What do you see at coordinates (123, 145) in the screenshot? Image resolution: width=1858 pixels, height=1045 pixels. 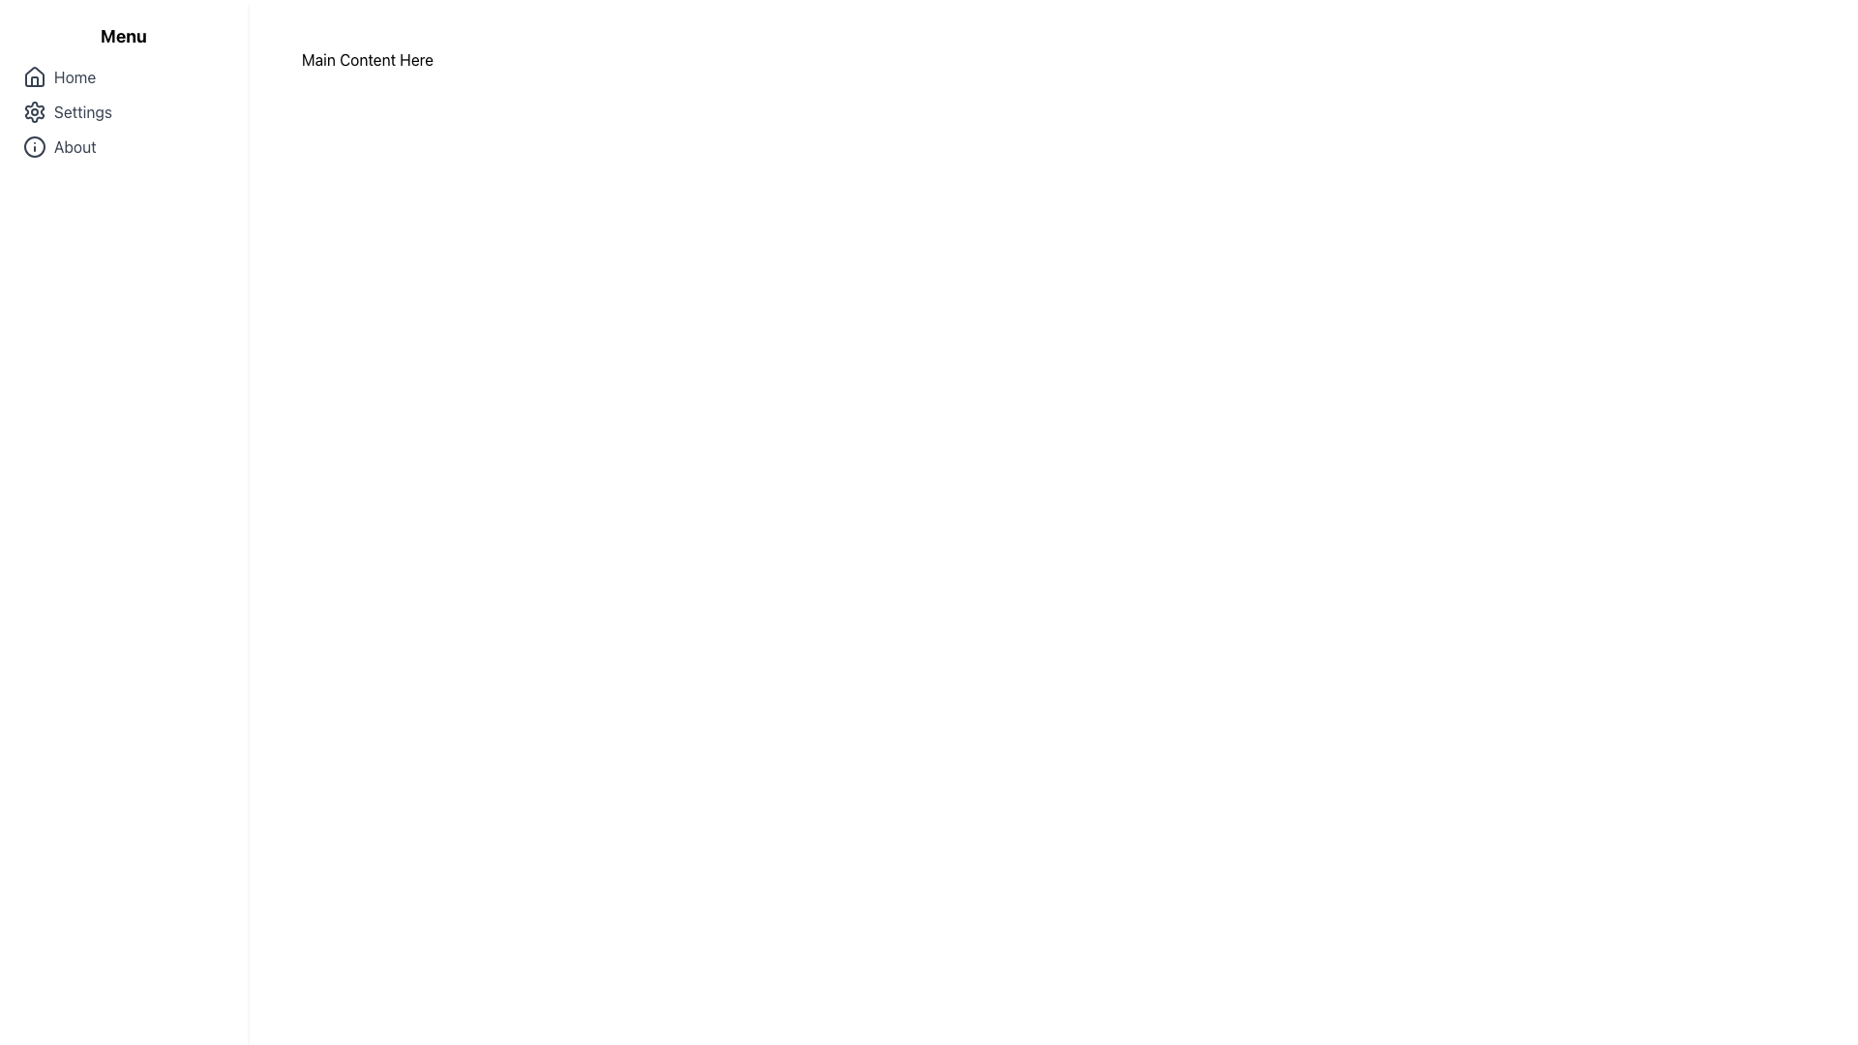 I see `the third navigation link in the sidebar menu, which leads to the 'About' section` at bounding box center [123, 145].